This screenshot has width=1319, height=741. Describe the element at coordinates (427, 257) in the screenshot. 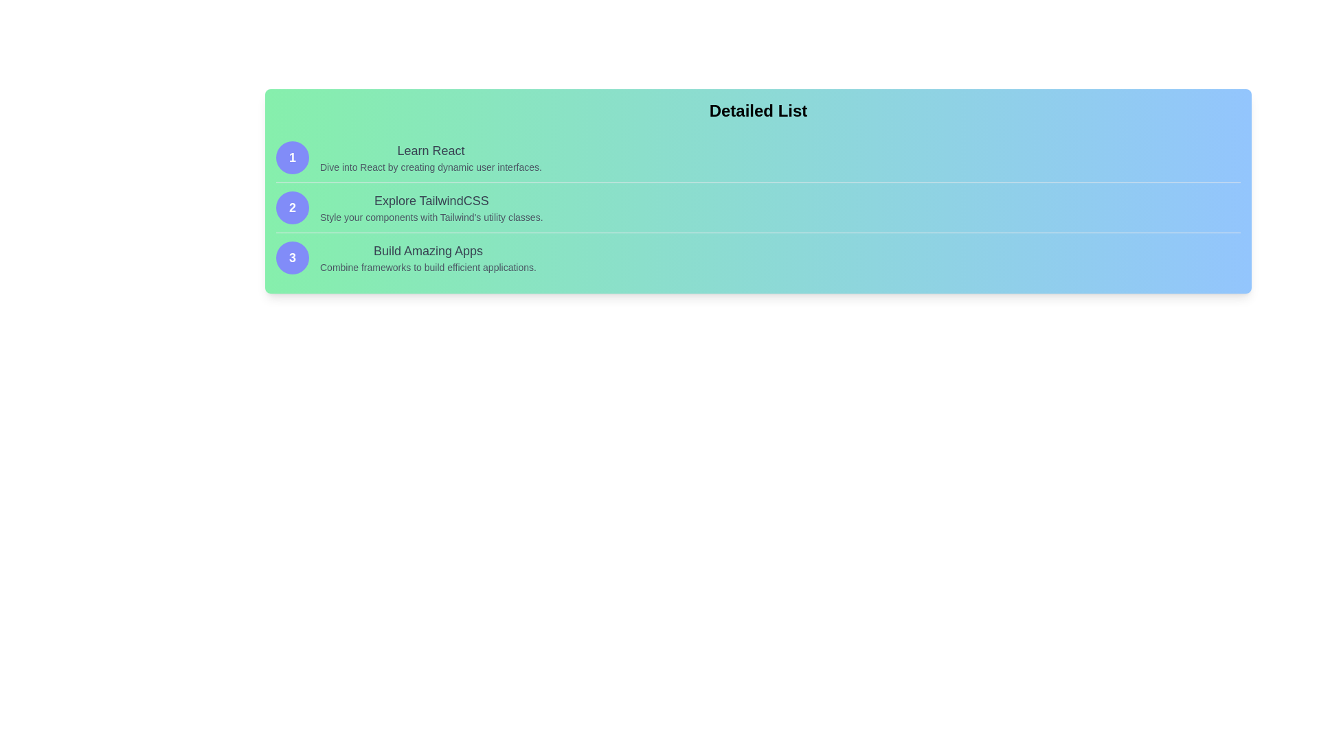

I see `text from the Text block titled 'Build Amazing Apps', which includes the description 'Combine frameworks to build efficient applications.'` at that location.